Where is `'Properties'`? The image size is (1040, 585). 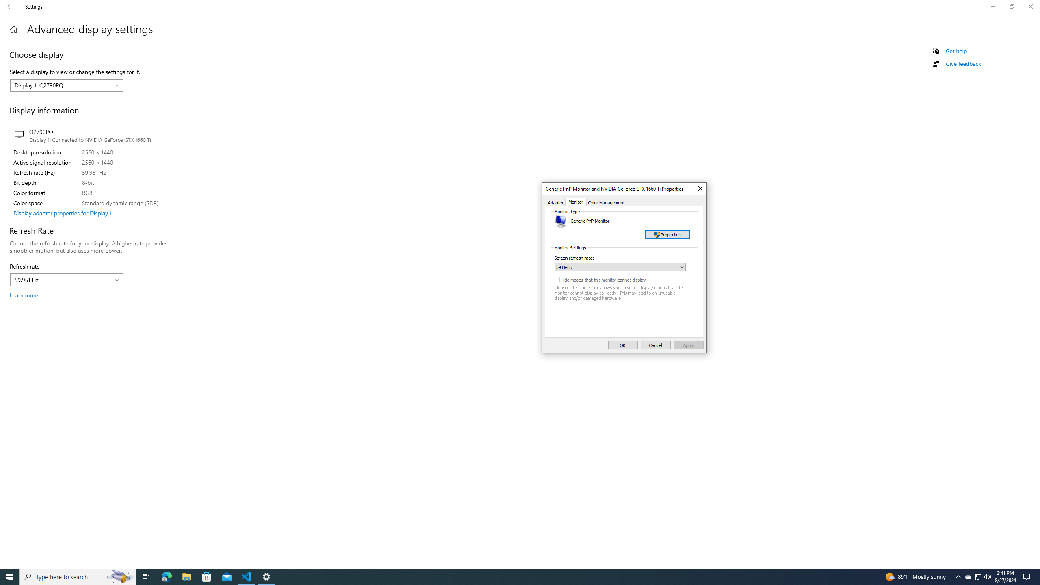 'Properties' is located at coordinates (667, 234).